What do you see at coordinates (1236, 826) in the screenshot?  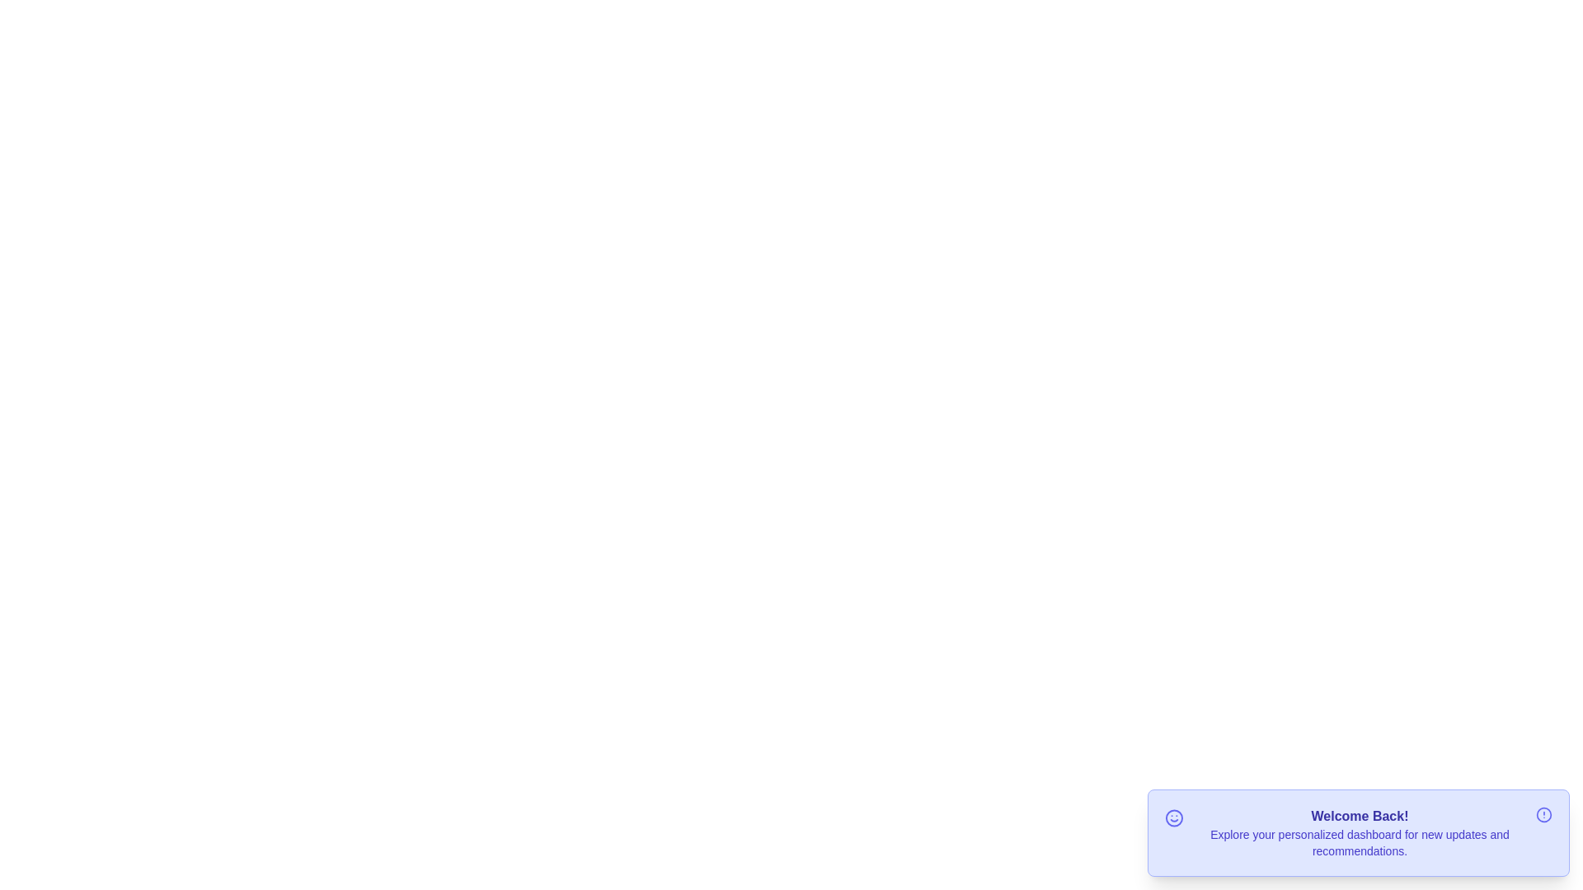 I see `the word 'your' within the notification text` at bounding box center [1236, 826].